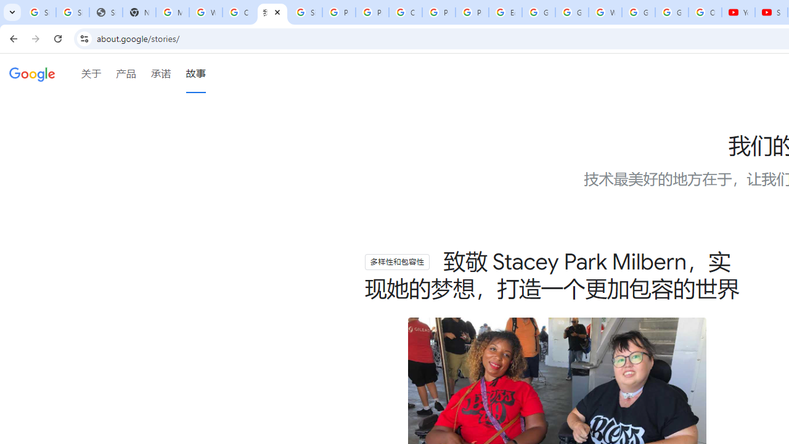 This screenshot has width=789, height=444. Describe the element at coordinates (72, 12) in the screenshot. I see `'Sign in - Google Accounts'` at that location.